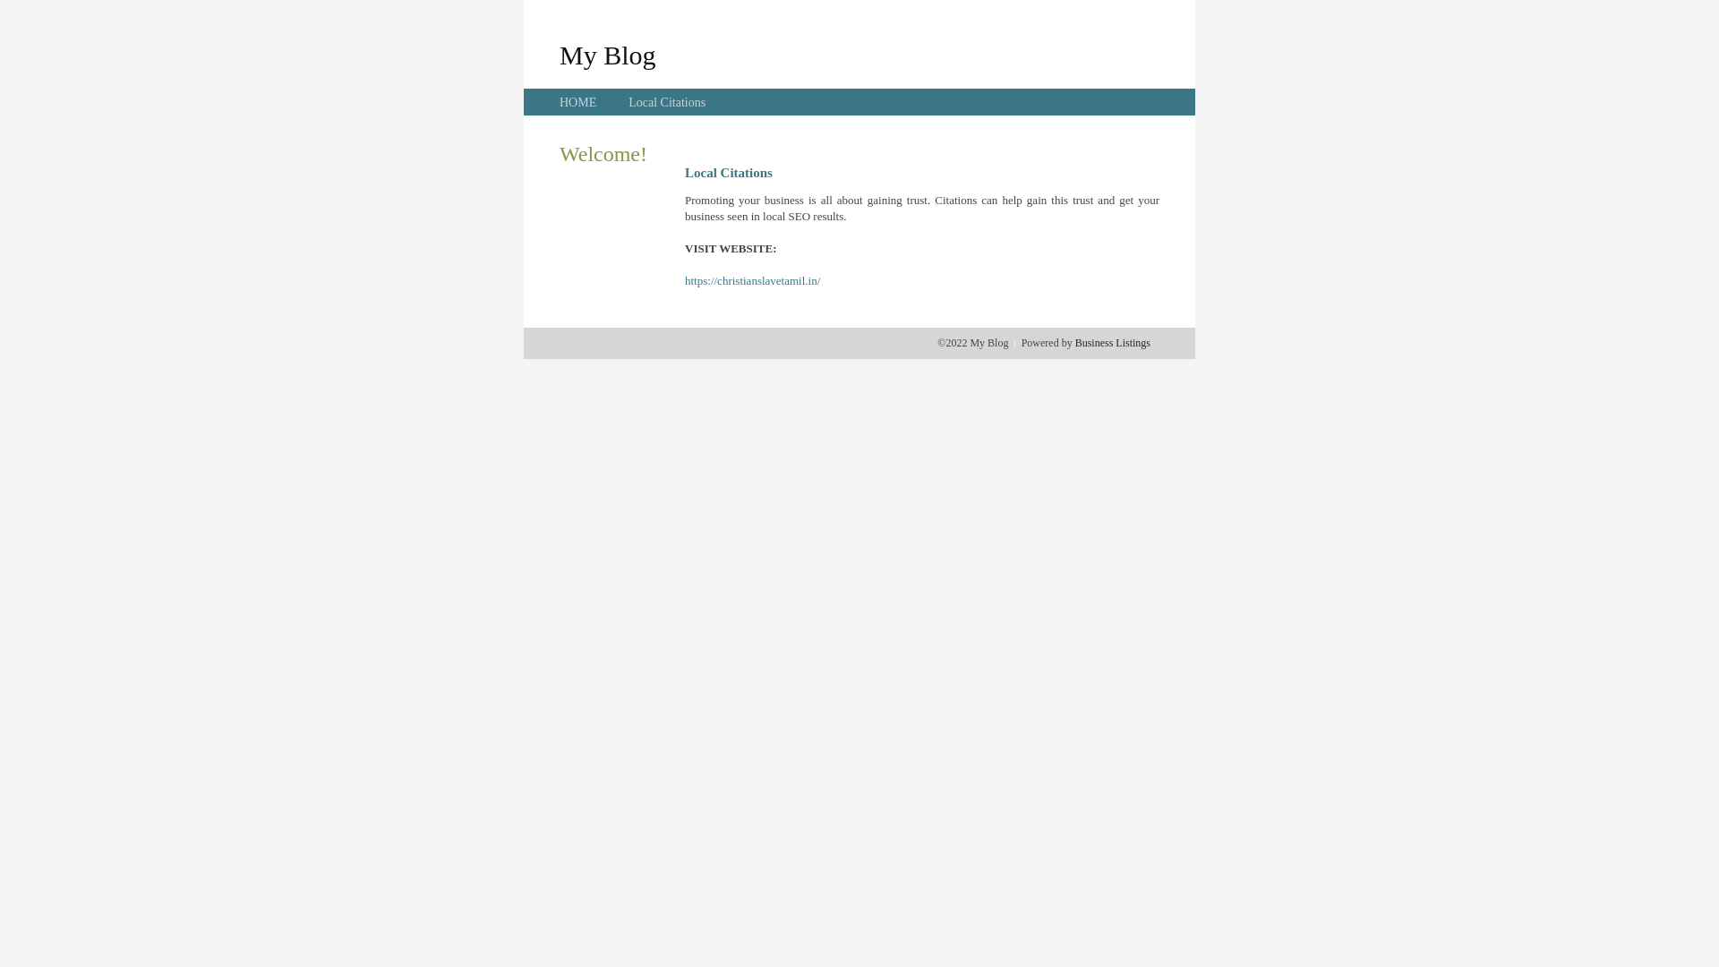  What do you see at coordinates (607, 54) in the screenshot?
I see `'My Blog'` at bounding box center [607, 54].